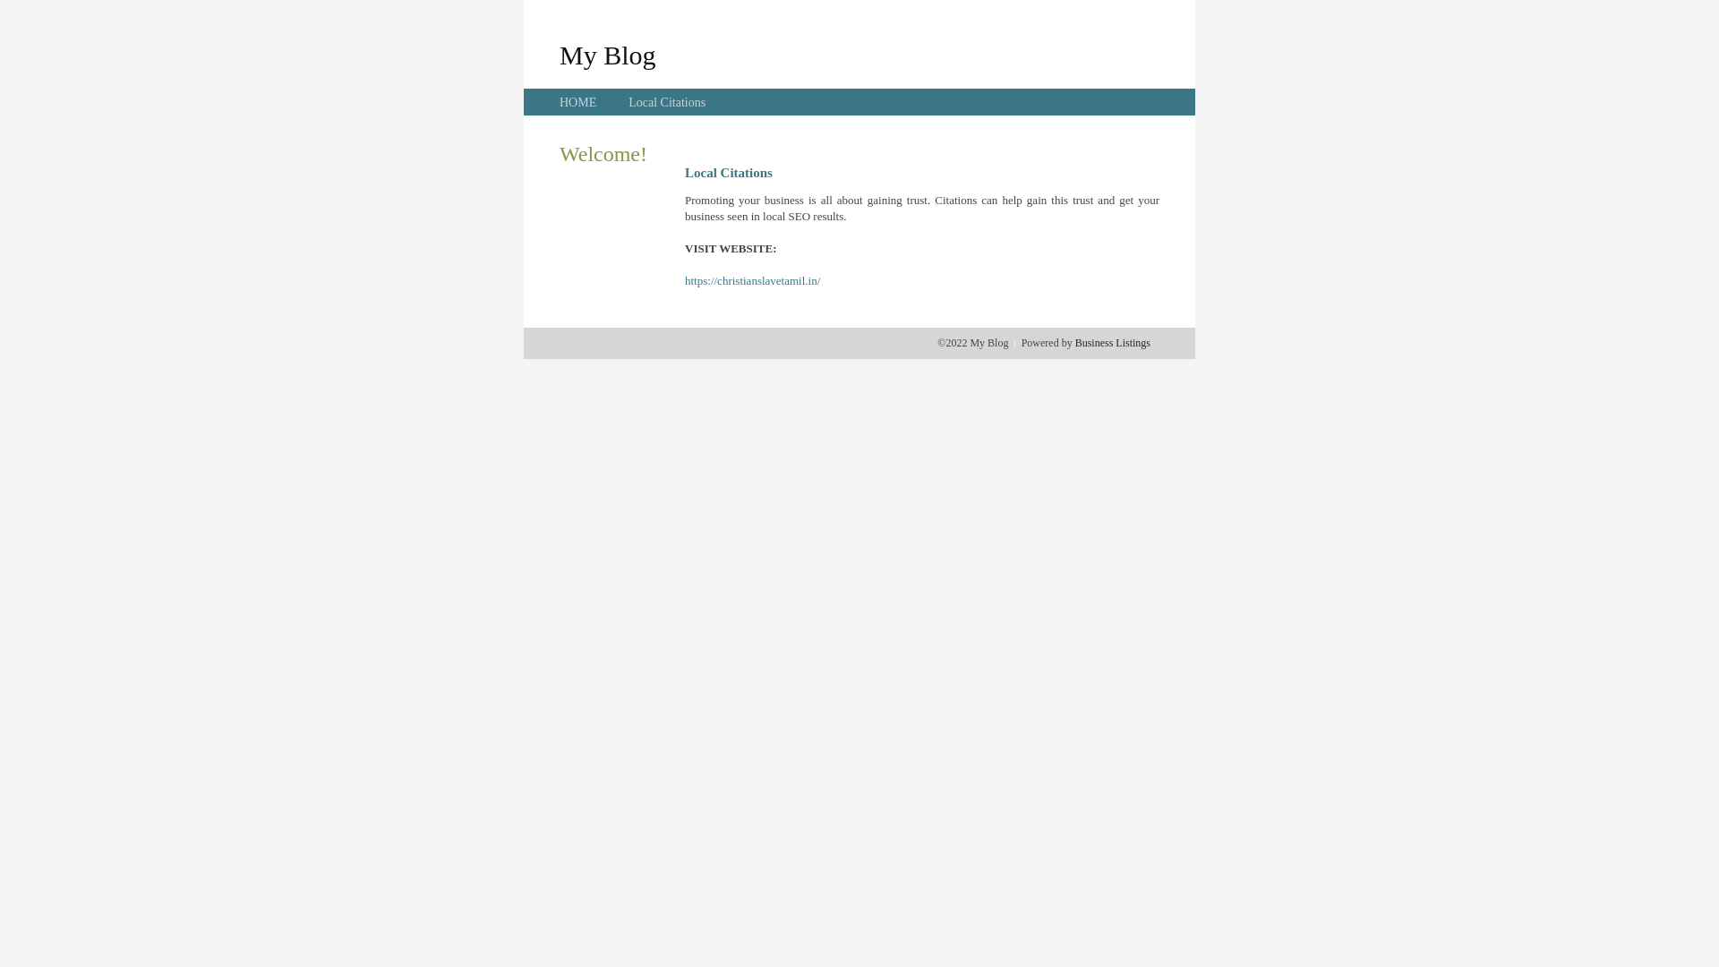  What do you see at coordinates (607, 54) in the screenshot?
I see `'My Blog'` at bounding box center [607, 54].